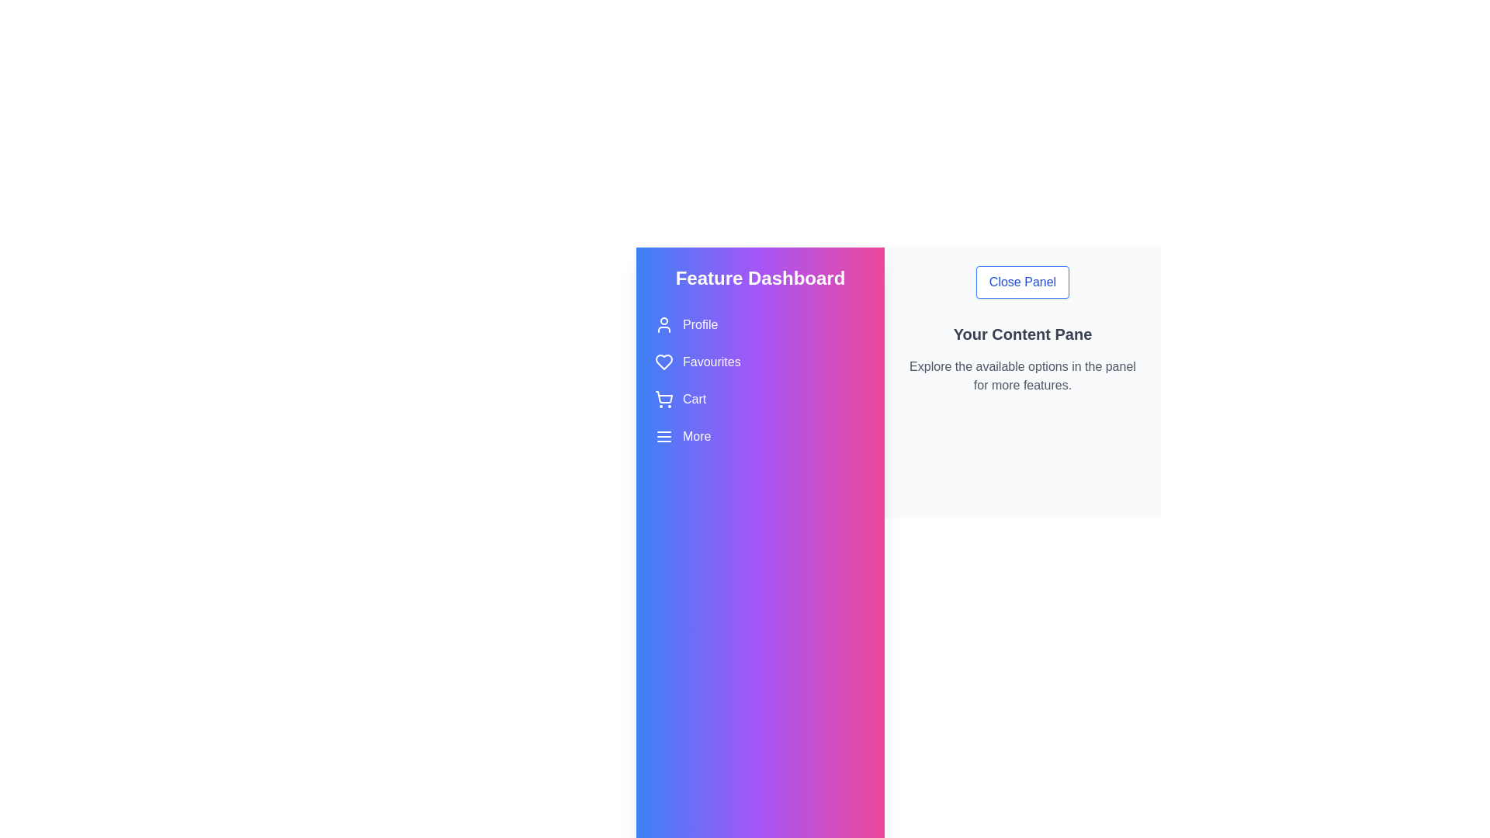 The image size is (1490, 838). Describe the element at coordinates (1023, 282) in the screenshot. I see `the 'Close Panel' button to close the drawer` at that location.